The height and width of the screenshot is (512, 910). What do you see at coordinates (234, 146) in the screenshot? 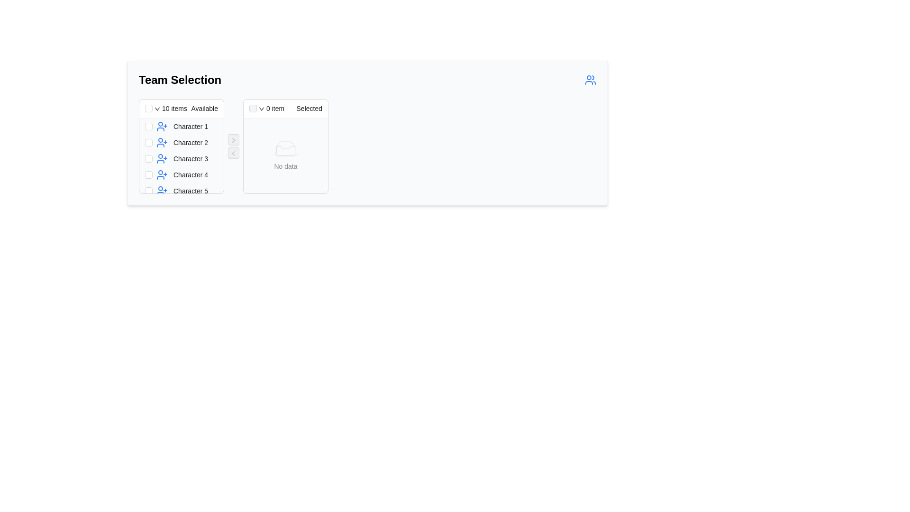
I see `the Transfer control buttons located between the 'Available' and 'Selected' panels in the 'Team Selection' UI` at bounding box center [234, 146].